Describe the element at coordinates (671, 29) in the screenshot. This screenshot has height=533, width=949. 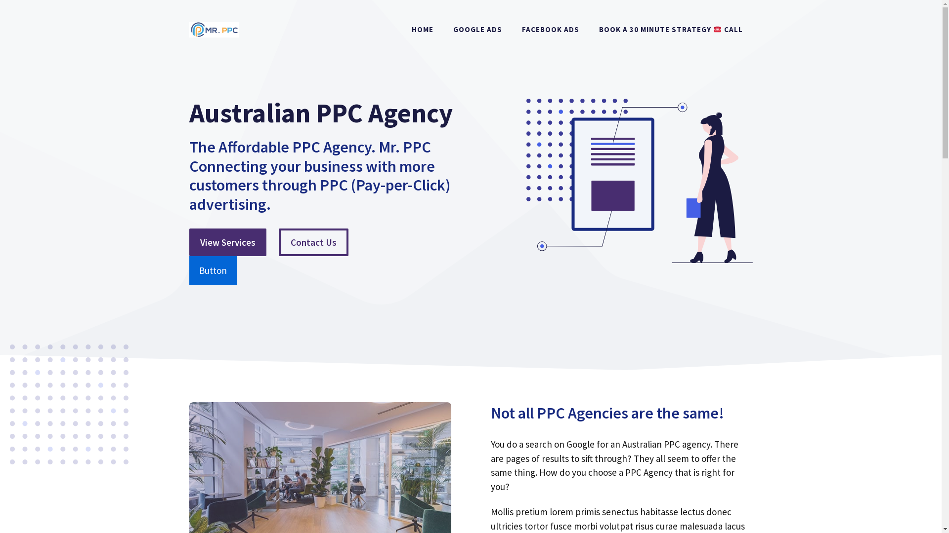
I see `'BOOK A 30 MINUTE STRATEGY CALL'` at that location.